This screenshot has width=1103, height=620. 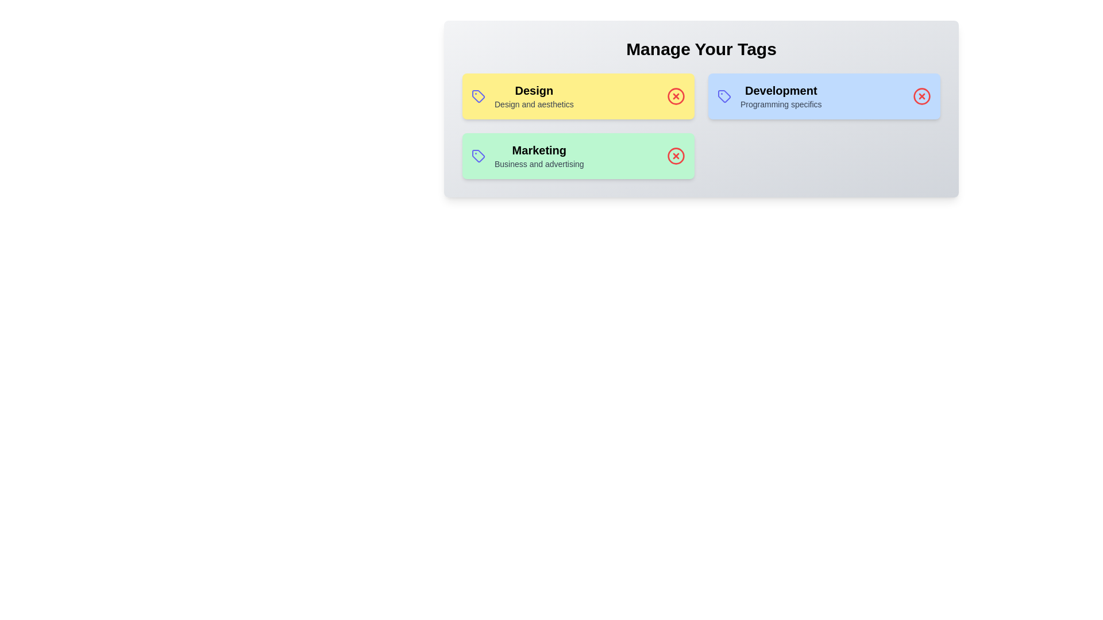 I want to click on the delete icon for the tag labeled Marketing, so click(x=676, y=156).